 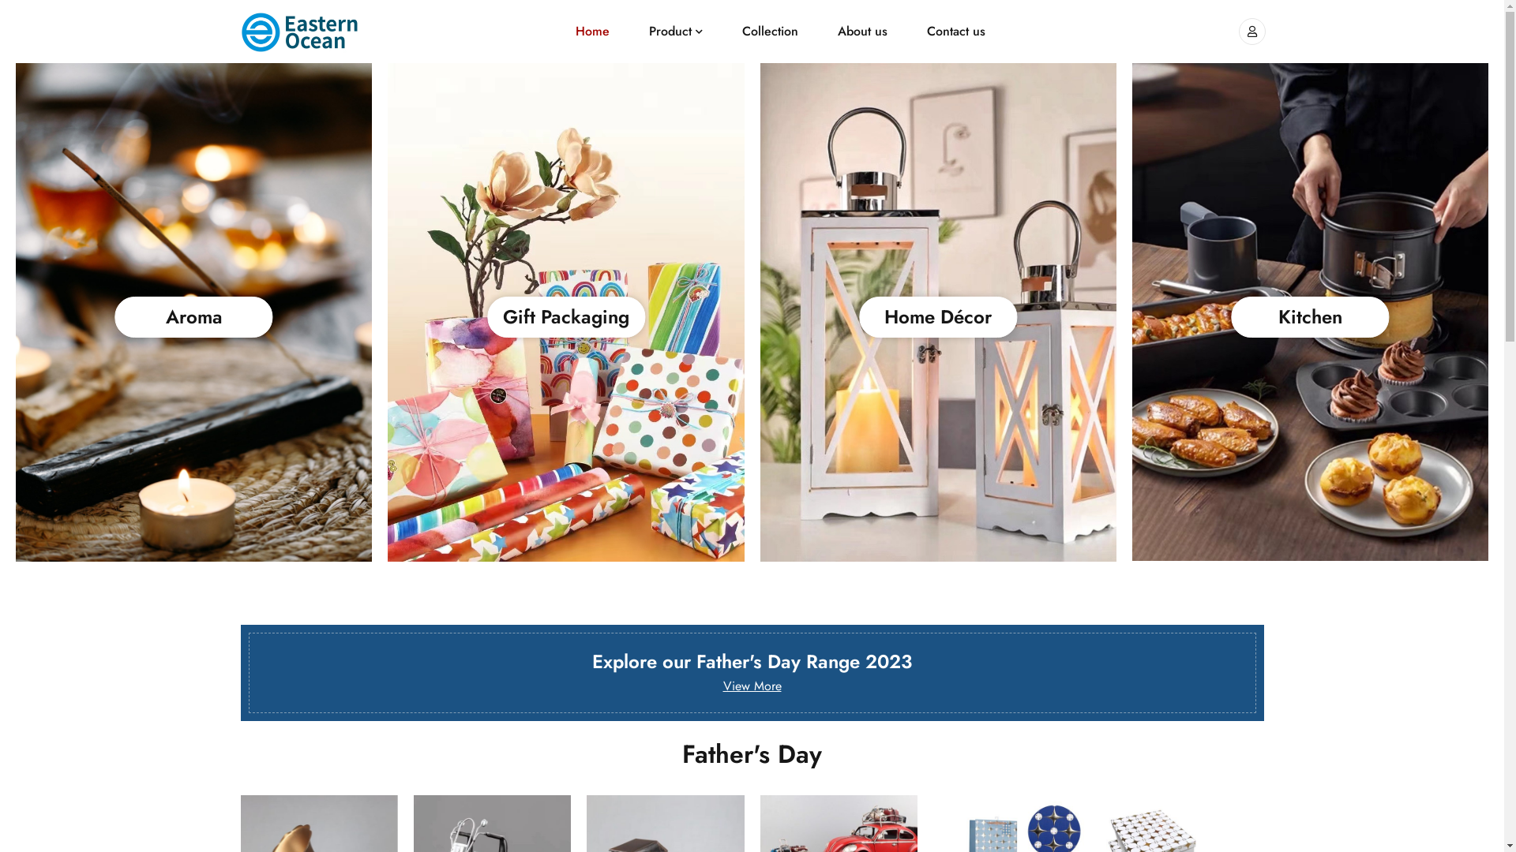 What do you see at coordinates (752, 685) in the screenshot?
I see `'View More'` at bounding box center [752, 685].